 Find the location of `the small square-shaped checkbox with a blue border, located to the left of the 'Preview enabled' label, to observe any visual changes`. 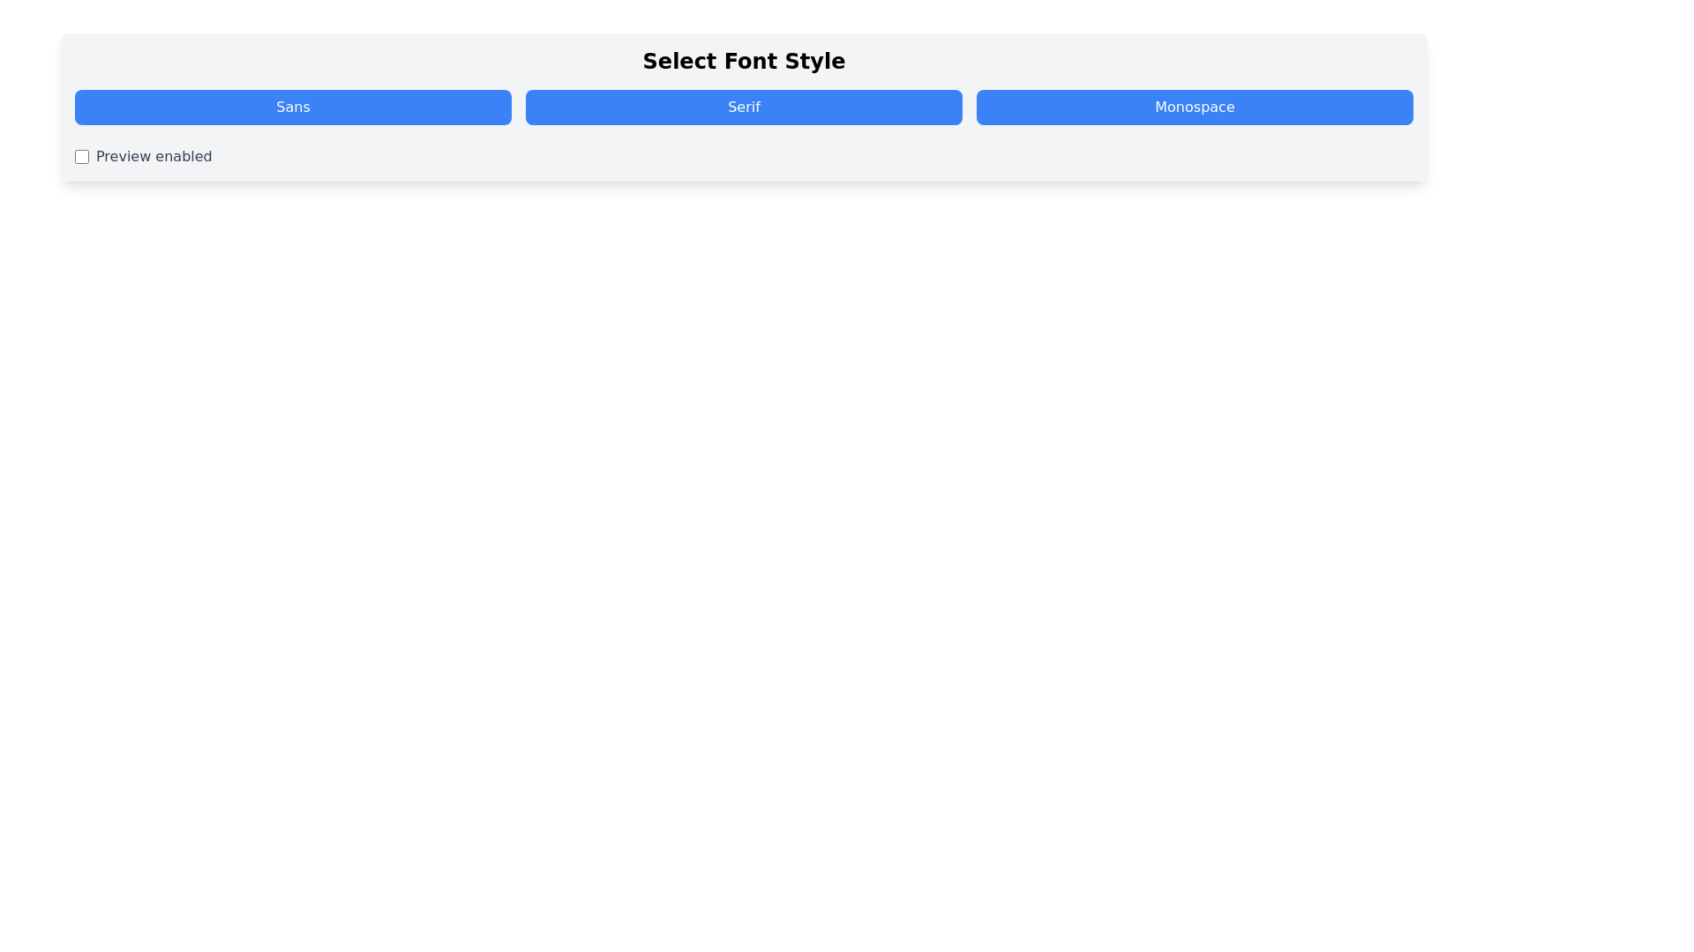

the small square-shaped checkbox with a blue border, located to the left of the 'Preview enabled' label, to observe any visual changes is located at coordinates (80, 155).